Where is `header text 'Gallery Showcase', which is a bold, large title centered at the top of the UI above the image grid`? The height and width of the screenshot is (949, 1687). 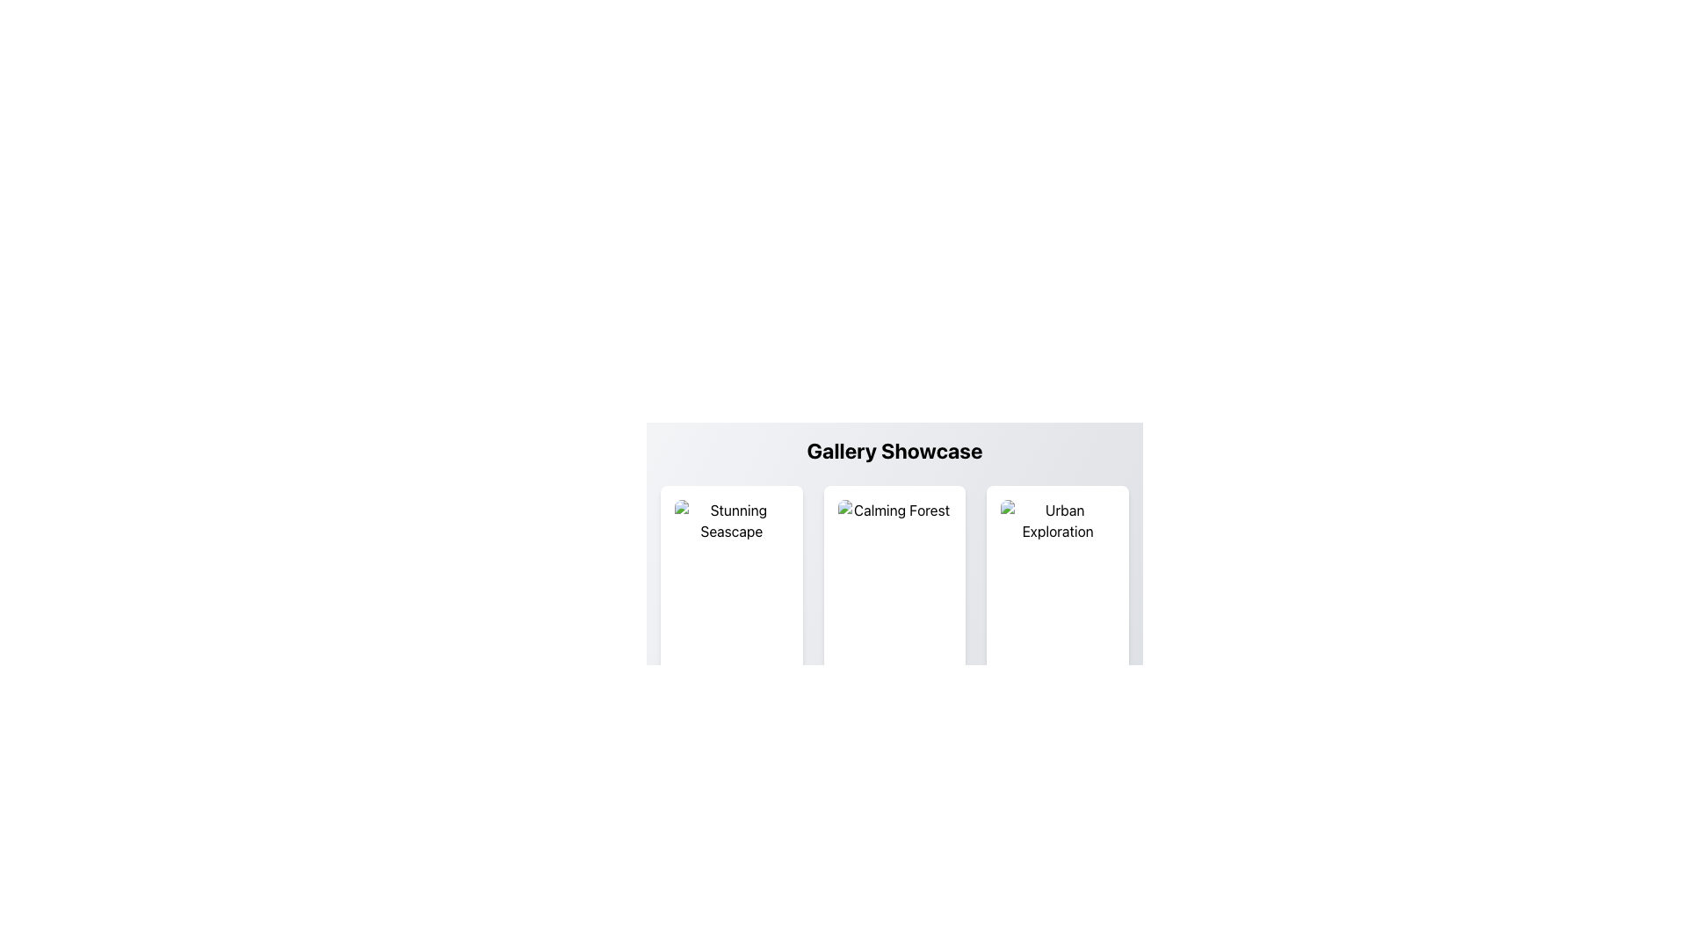 header text 'Gallery Showcase', which is a bold, large title centered at the top of the UI above the image grid is located at coordinates (894, 450).